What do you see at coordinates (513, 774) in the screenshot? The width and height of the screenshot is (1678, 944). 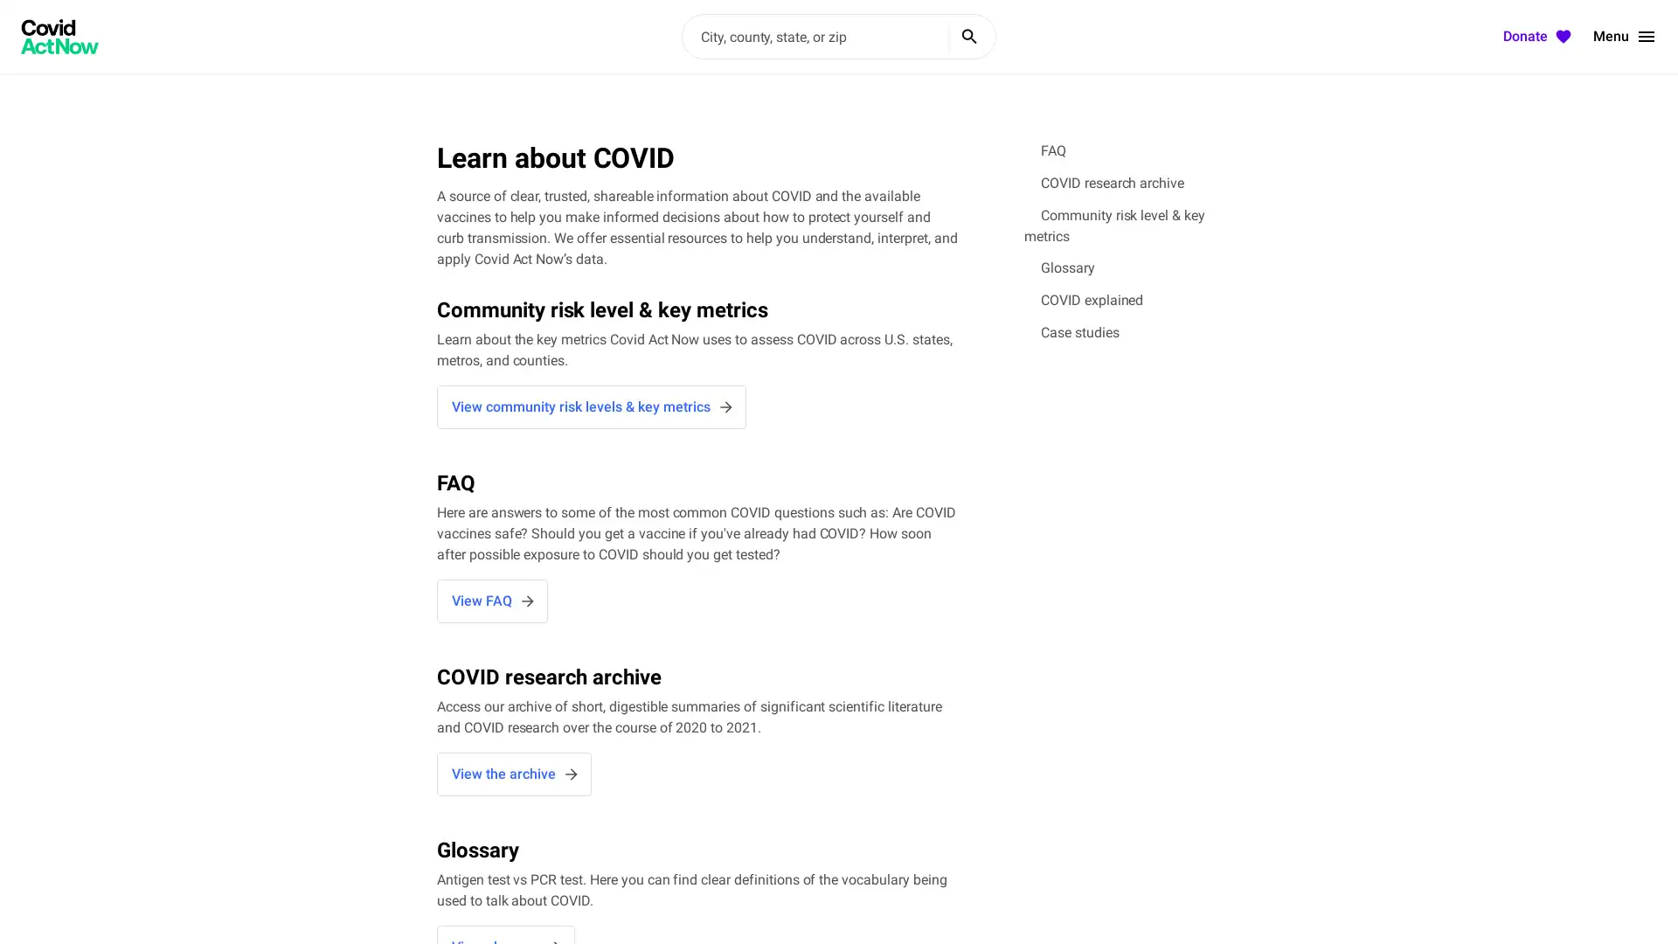 I see `View the archive` at bounding box center [513, 774].